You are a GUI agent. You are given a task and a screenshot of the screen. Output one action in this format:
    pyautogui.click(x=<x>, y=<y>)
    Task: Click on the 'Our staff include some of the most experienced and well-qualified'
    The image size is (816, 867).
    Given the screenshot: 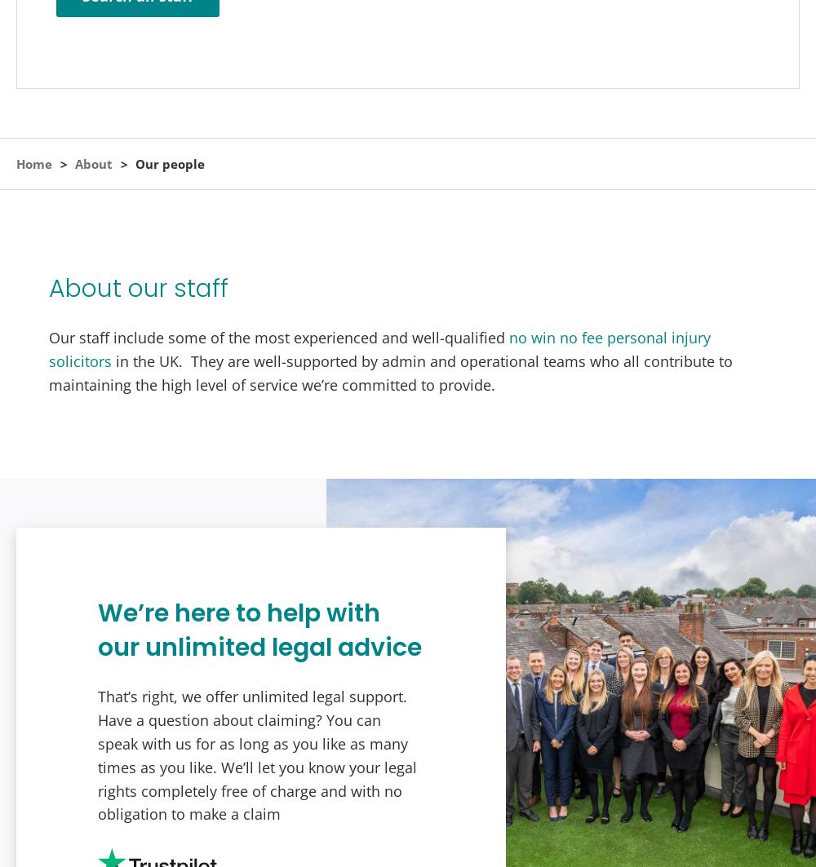 What is the action you would take?
    pyautogui.click(x=278, y=338)
    